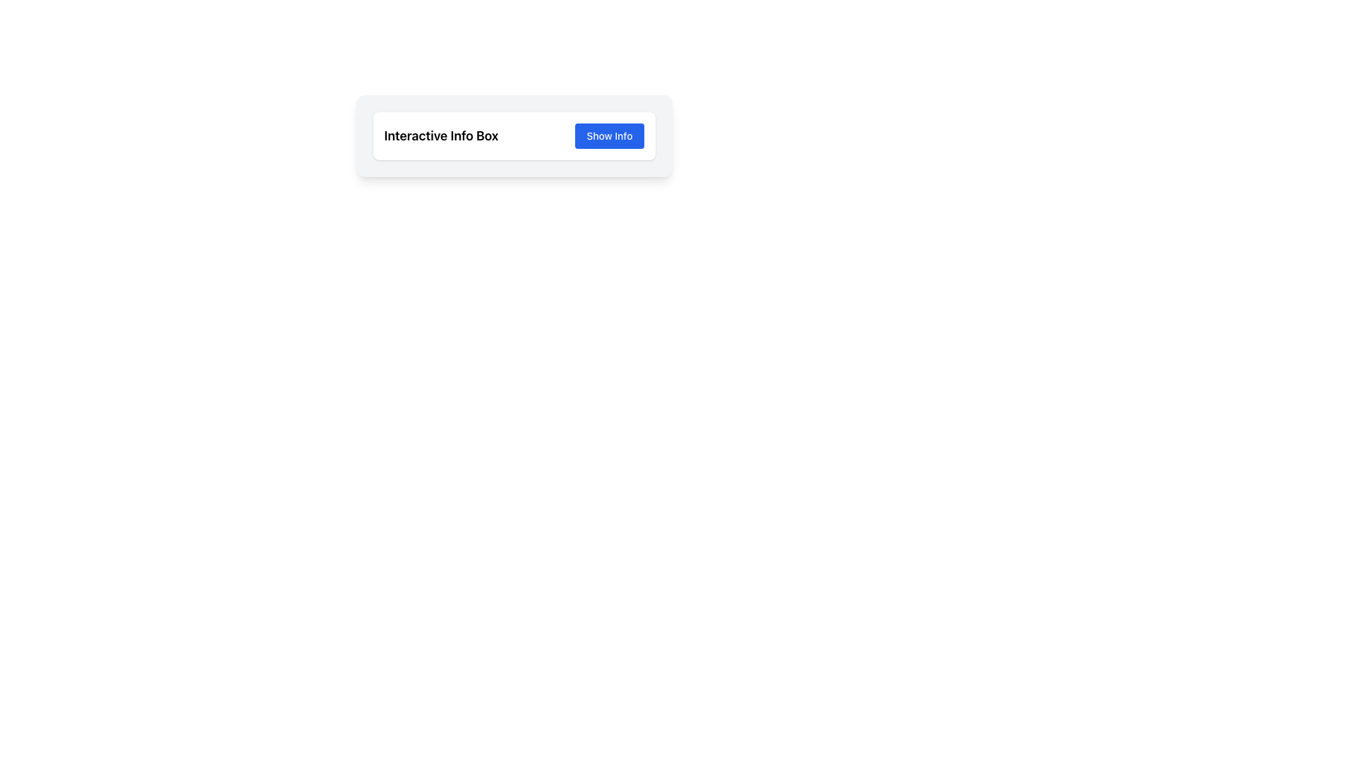 This screenshot has width=1355, height=762. Describe the element at coordinates (610, 135) in the screenshot. I see `the blue button labeled 'Show Info' to check for the appearance of a tooltip` at that location.